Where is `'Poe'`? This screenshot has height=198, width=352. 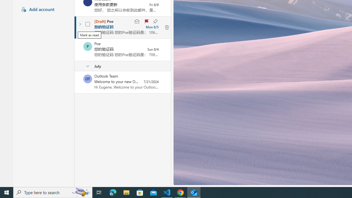
'Poe' is located at coordinates (87, 46).